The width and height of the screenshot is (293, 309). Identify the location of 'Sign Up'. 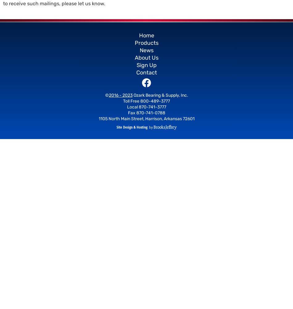
(146, 65).